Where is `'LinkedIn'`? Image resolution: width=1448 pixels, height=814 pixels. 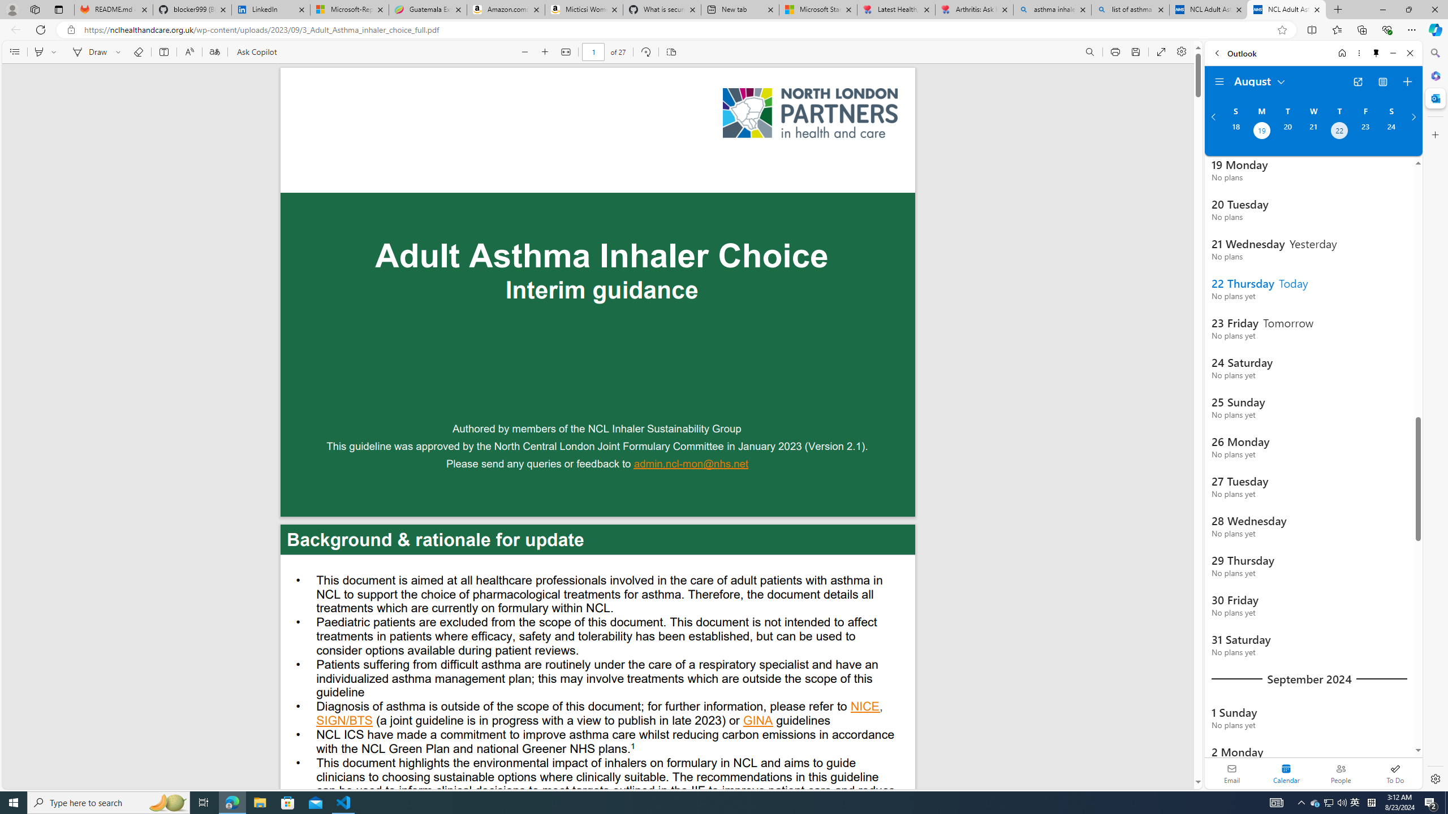 'LinkedIn' is located at coordinates (271, 9).